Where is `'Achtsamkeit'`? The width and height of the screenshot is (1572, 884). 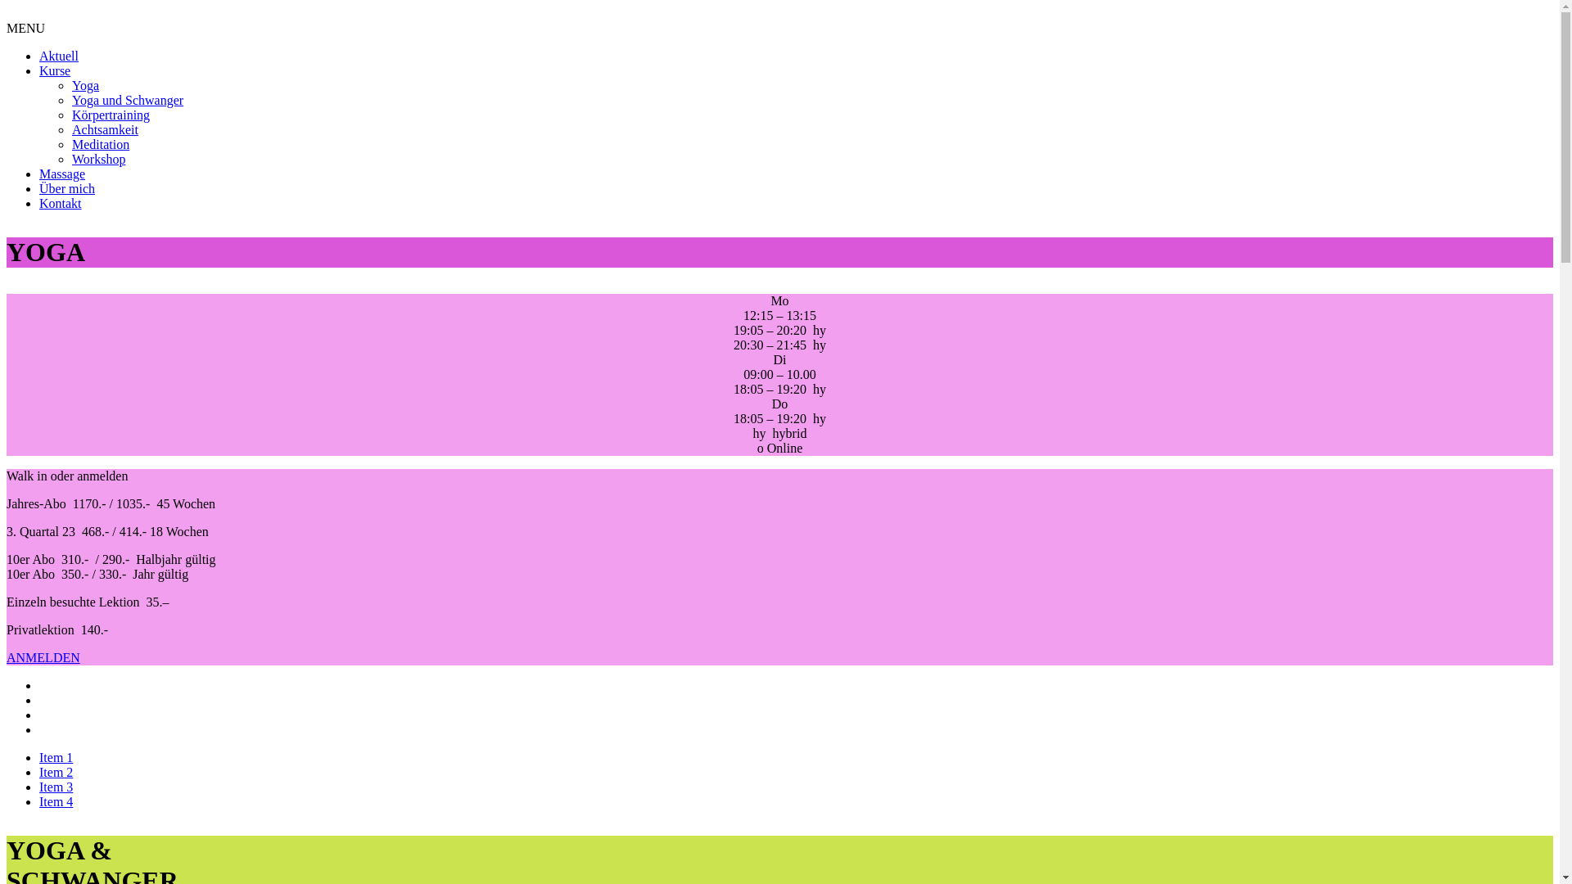 'Achtsamkeit' is located at coordinates (70, 129).